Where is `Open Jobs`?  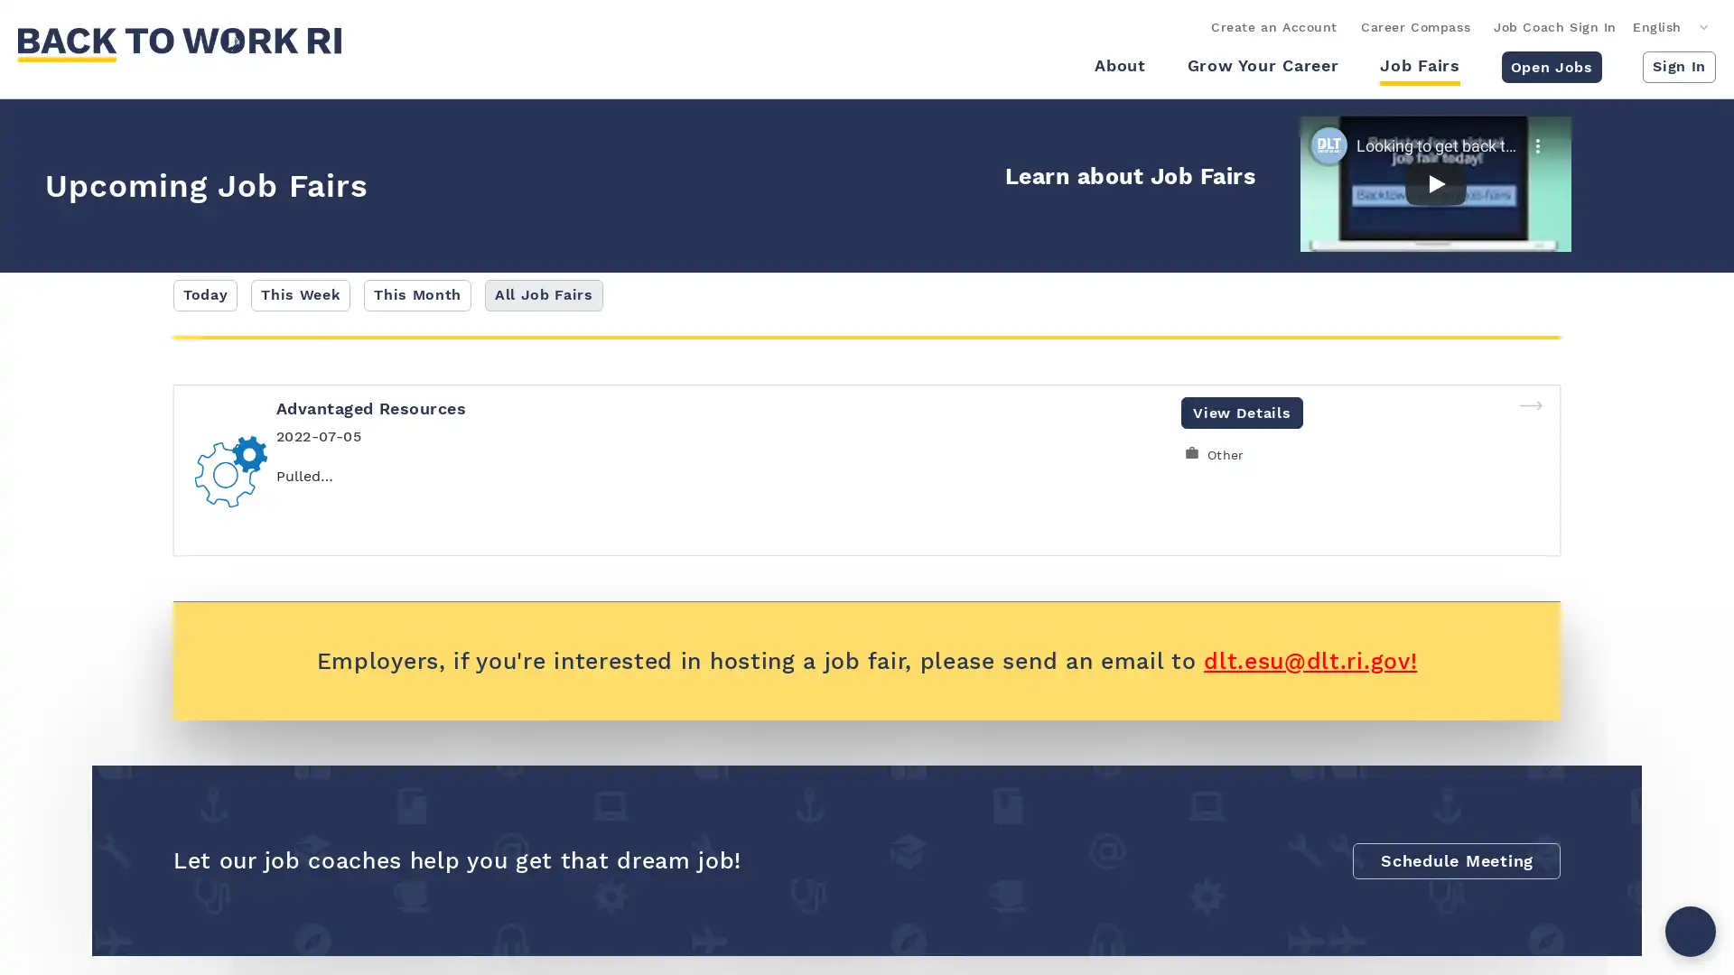 Open Jobs is located at coordinates (1550, 65).